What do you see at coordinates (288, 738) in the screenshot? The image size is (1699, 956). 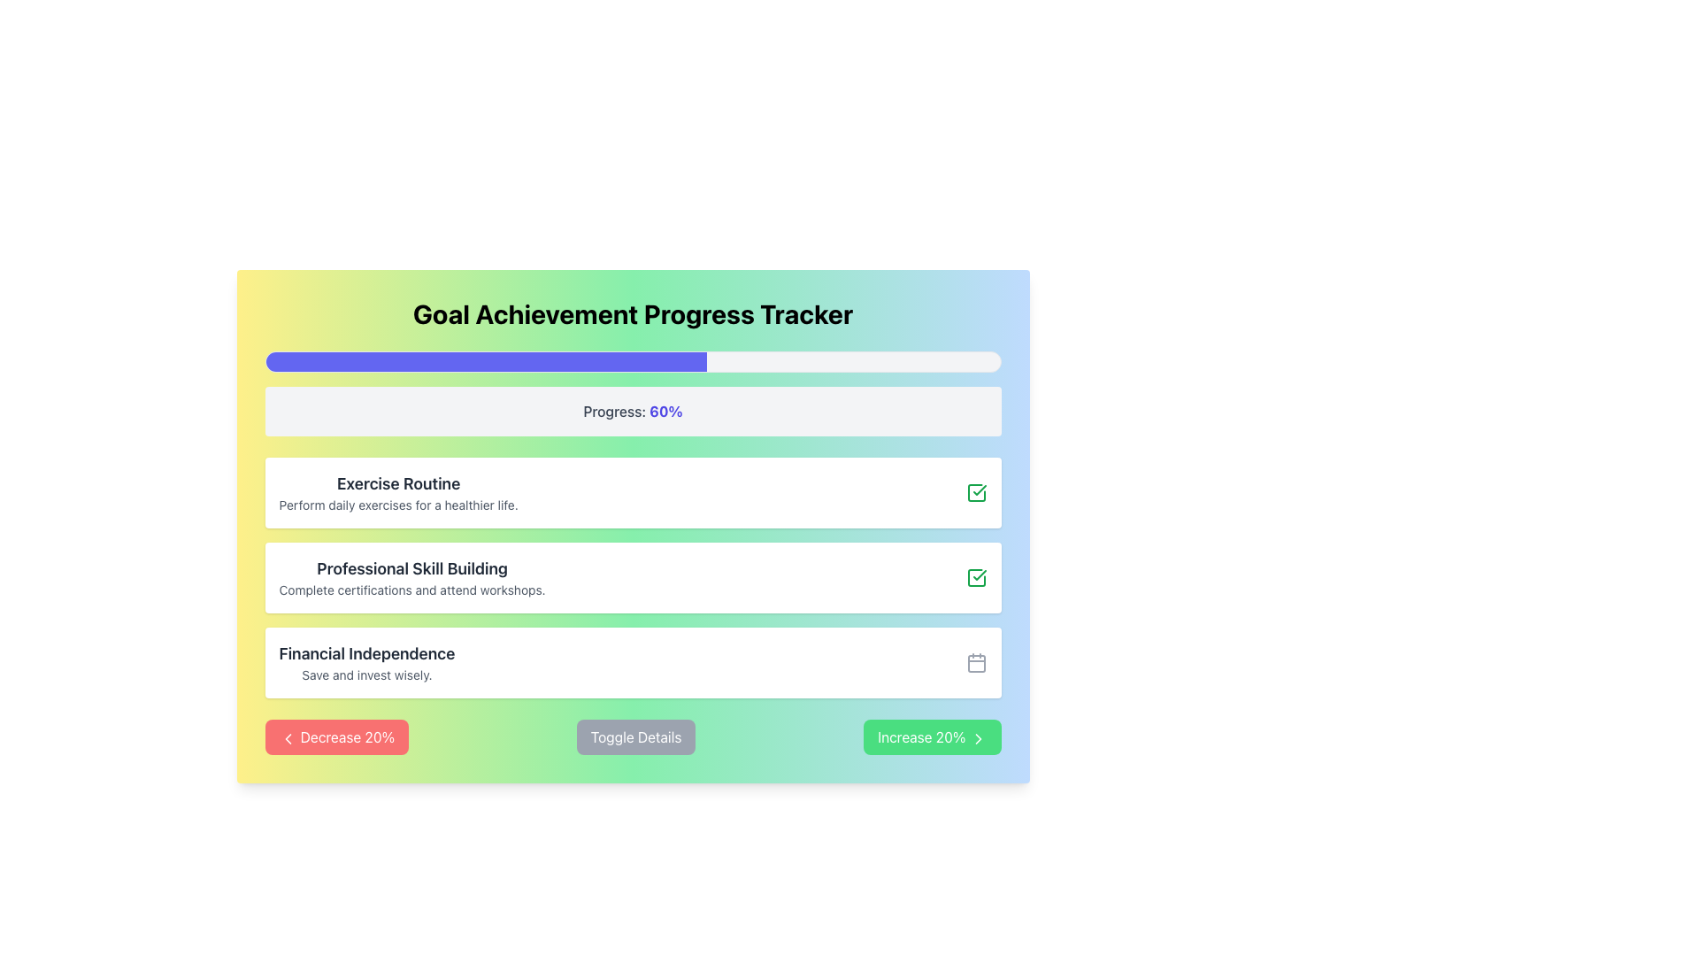 I see `the left-pointing chevron arrow icon, which is a simple SVG graphic with a transparent background located slightly to the left of center at the top of the interface` at bounding box center [288, 738].